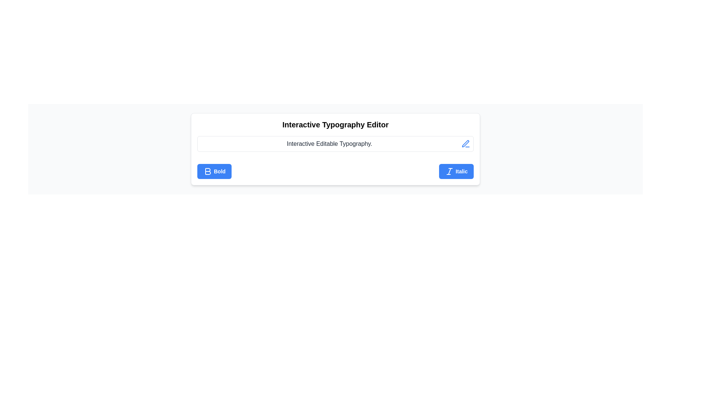 Image resolution: width=723 pixels, height=407 pixels. What do you see at coordinates (450, 171) in the screenshot?
I see `the stylized, slanted 'I' icon within the 'Italic' button` at bounding box center [450, 171].